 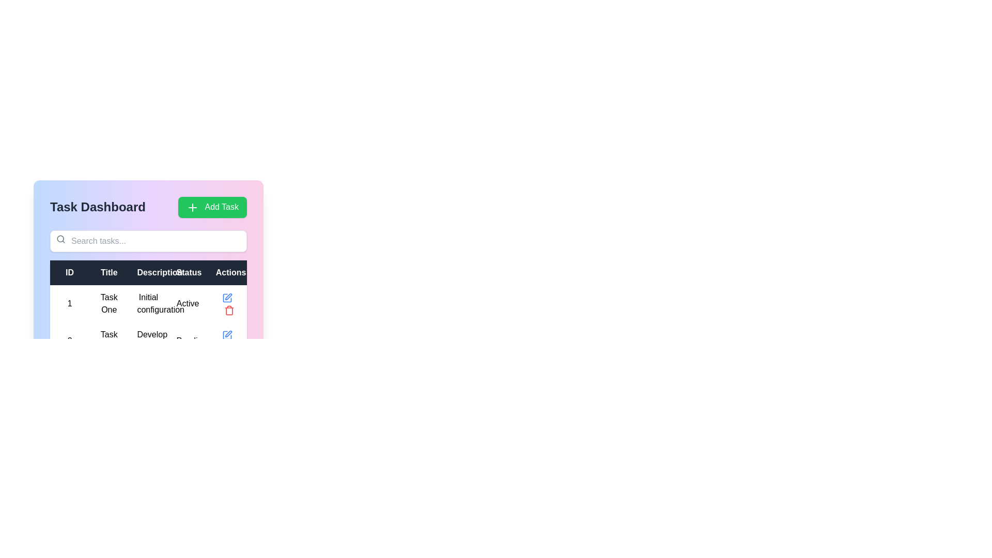 I want to click on the blue pen icon button located in the 'Actions' column of the first row in the task dashboard, so click(x=226, y=335).